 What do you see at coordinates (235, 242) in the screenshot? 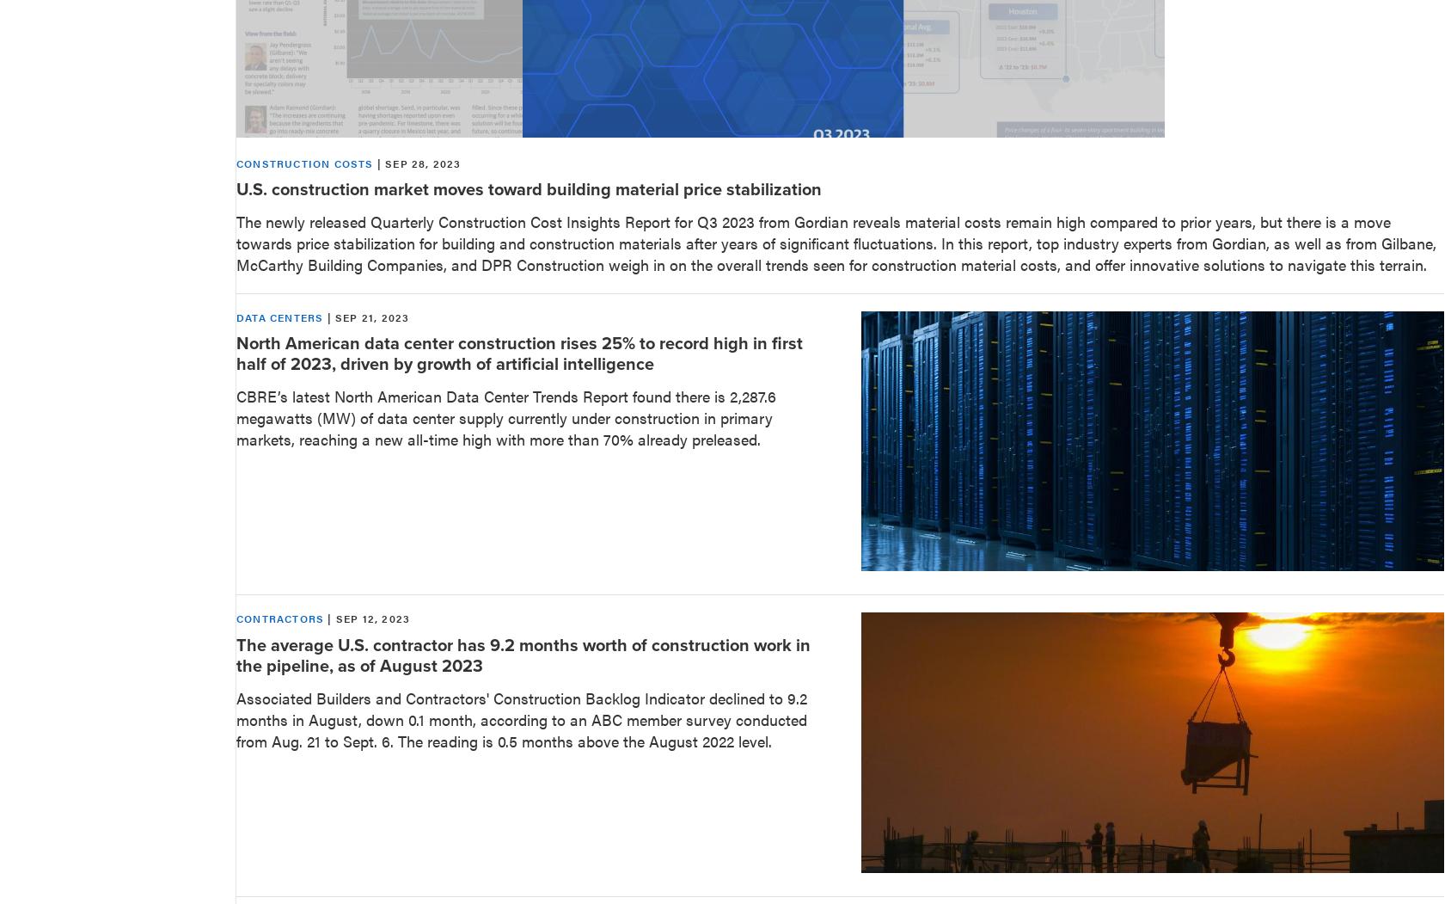
I see `'The newly released Quarterly Construction Cost Insights Report for Q3 2023 from Gordian reveals material costs remain high compared to prior years, but there is a move towards price stabilization for building and construction materials after years of significant fluctuations. In this report, top industry experts from Gordian, as well as from Gilbane, McCarthy Building Companies, and DPR Construction weigh in on the overall trends seen for construction material costs, and offer innovative solutions to navigate this terrain.'` at bounding box center [235, 242].